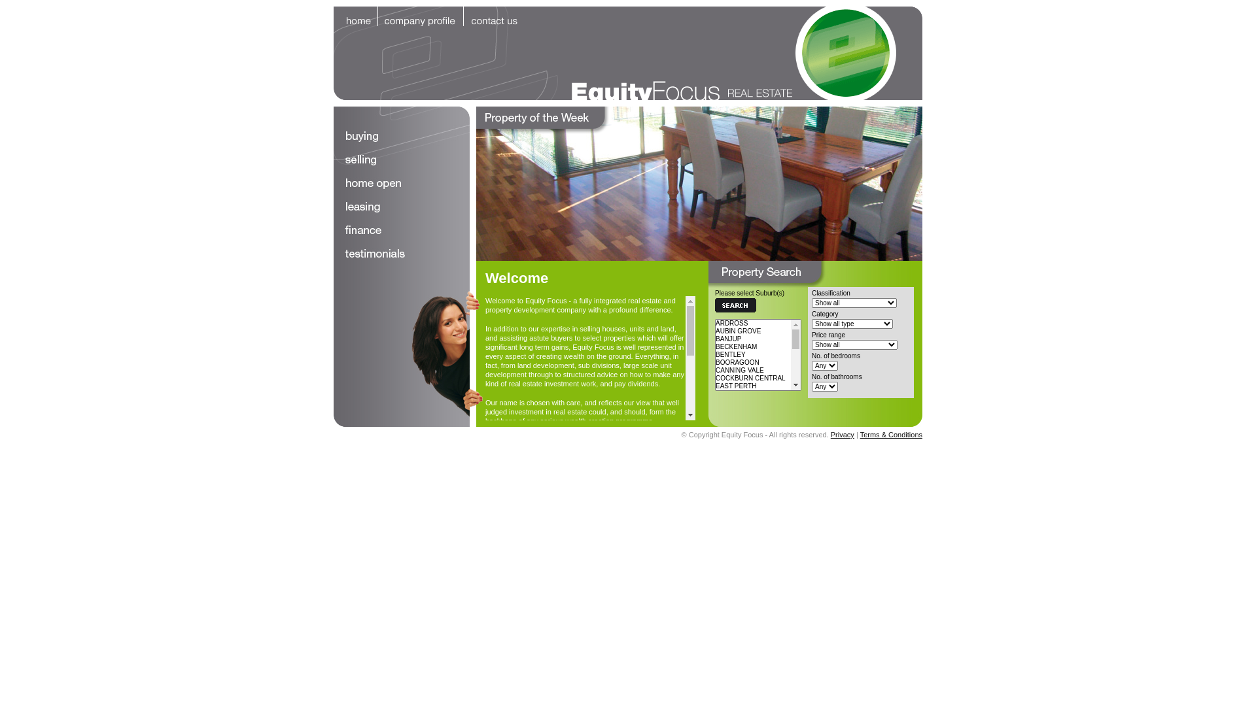  Describe the element at coordinates (333, 160) in the screenshot. I see `'selling'` at that location.